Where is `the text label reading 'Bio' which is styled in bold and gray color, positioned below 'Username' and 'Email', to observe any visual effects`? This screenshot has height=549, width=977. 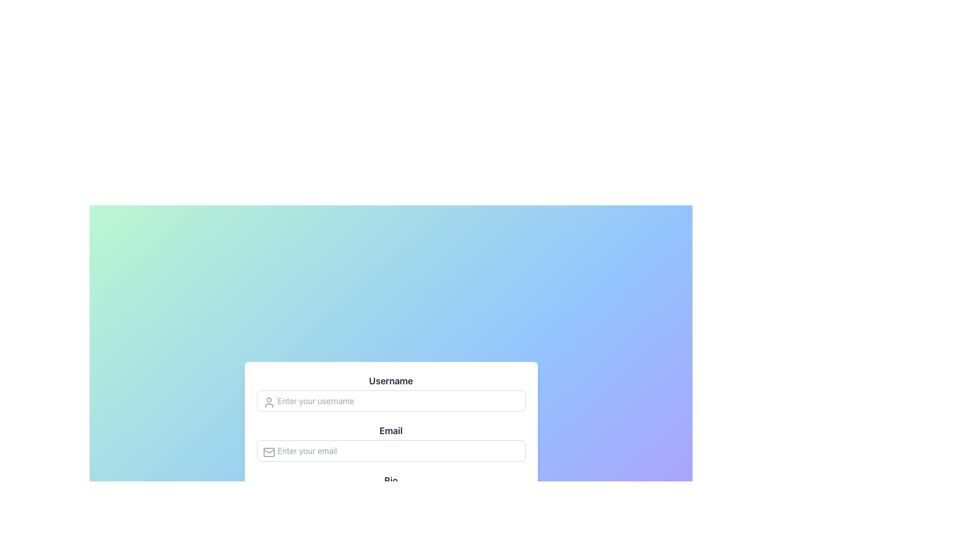 the text label reading 'Bio' which is styled in bold and gray color, positioned below 'Username' and 'Email', to observe any visual effects is located at coordinates (390, 480).